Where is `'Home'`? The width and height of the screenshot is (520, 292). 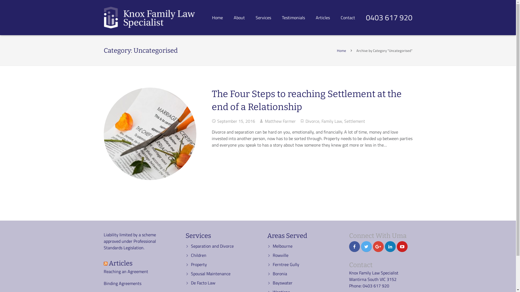
'Home' is located at coordinates (341, 50).